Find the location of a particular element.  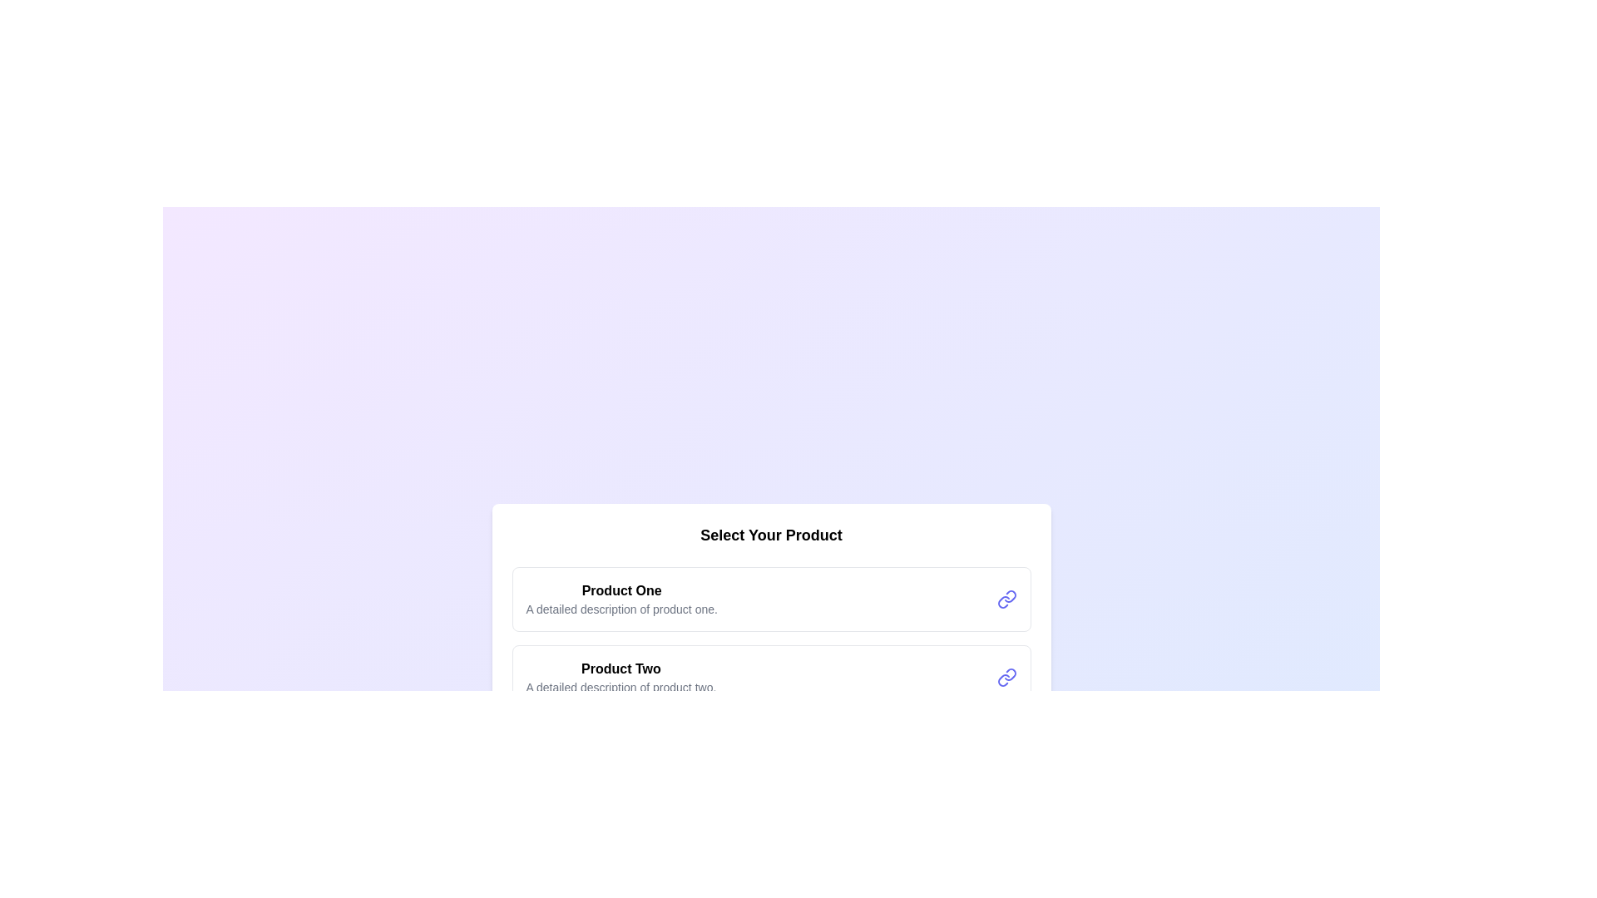

the Text Header element located at the top-center of the product selection card, which serves as the title for the section below is located at coordinates (770, 535).